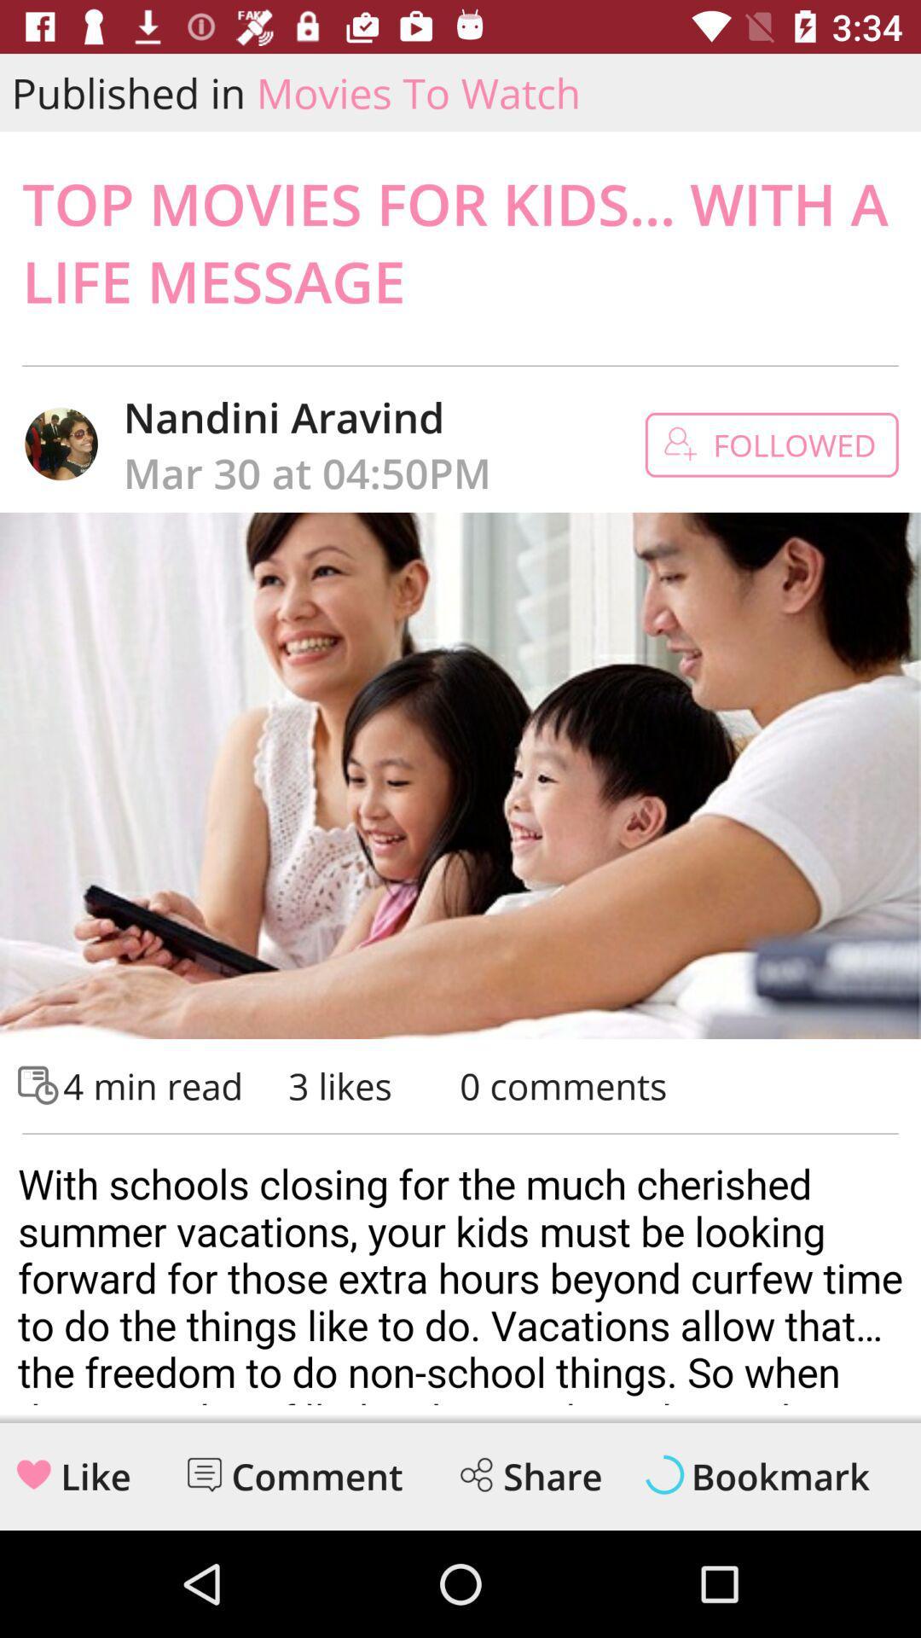  I want to click on text bookmark, so click(780, 1476).